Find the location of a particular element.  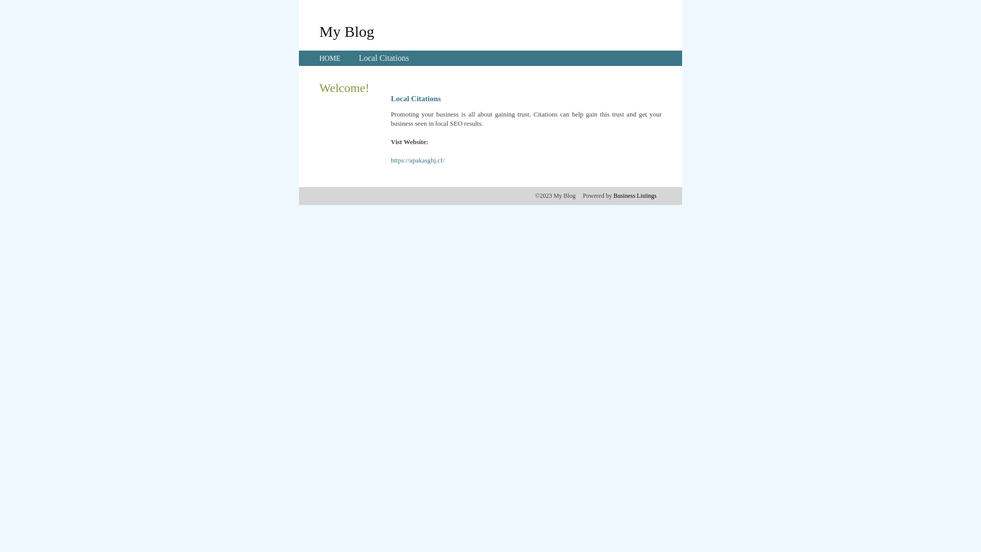

'Business Listings' is located at coordinates (613, 195).